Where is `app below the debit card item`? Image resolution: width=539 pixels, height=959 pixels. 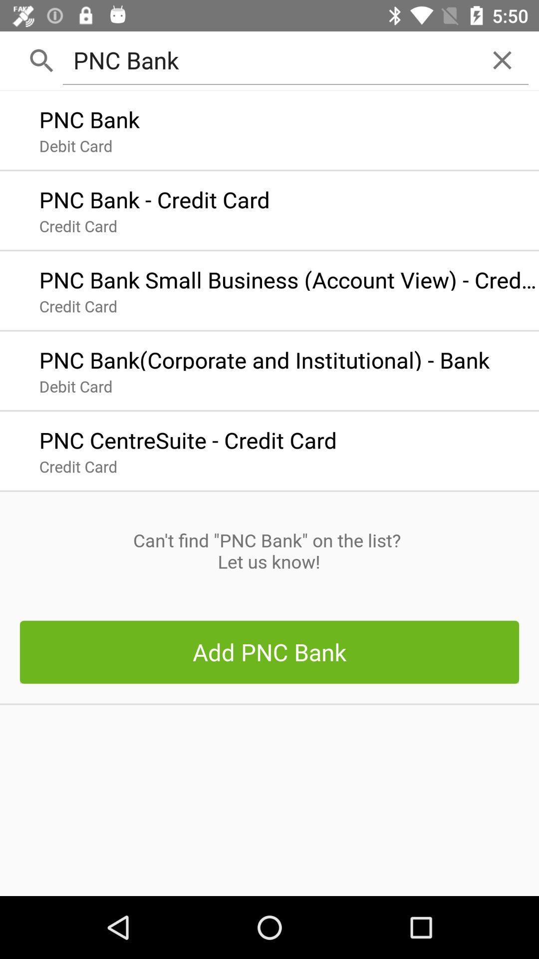 app below the debit card item is located at coordinates (188, 438).